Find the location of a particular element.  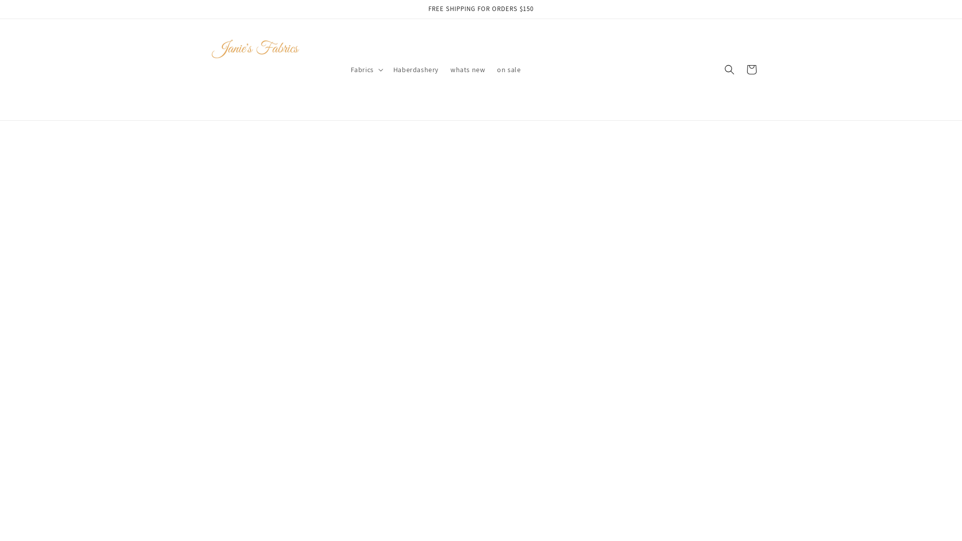

'Cart' is located at coordinates (741, 69).